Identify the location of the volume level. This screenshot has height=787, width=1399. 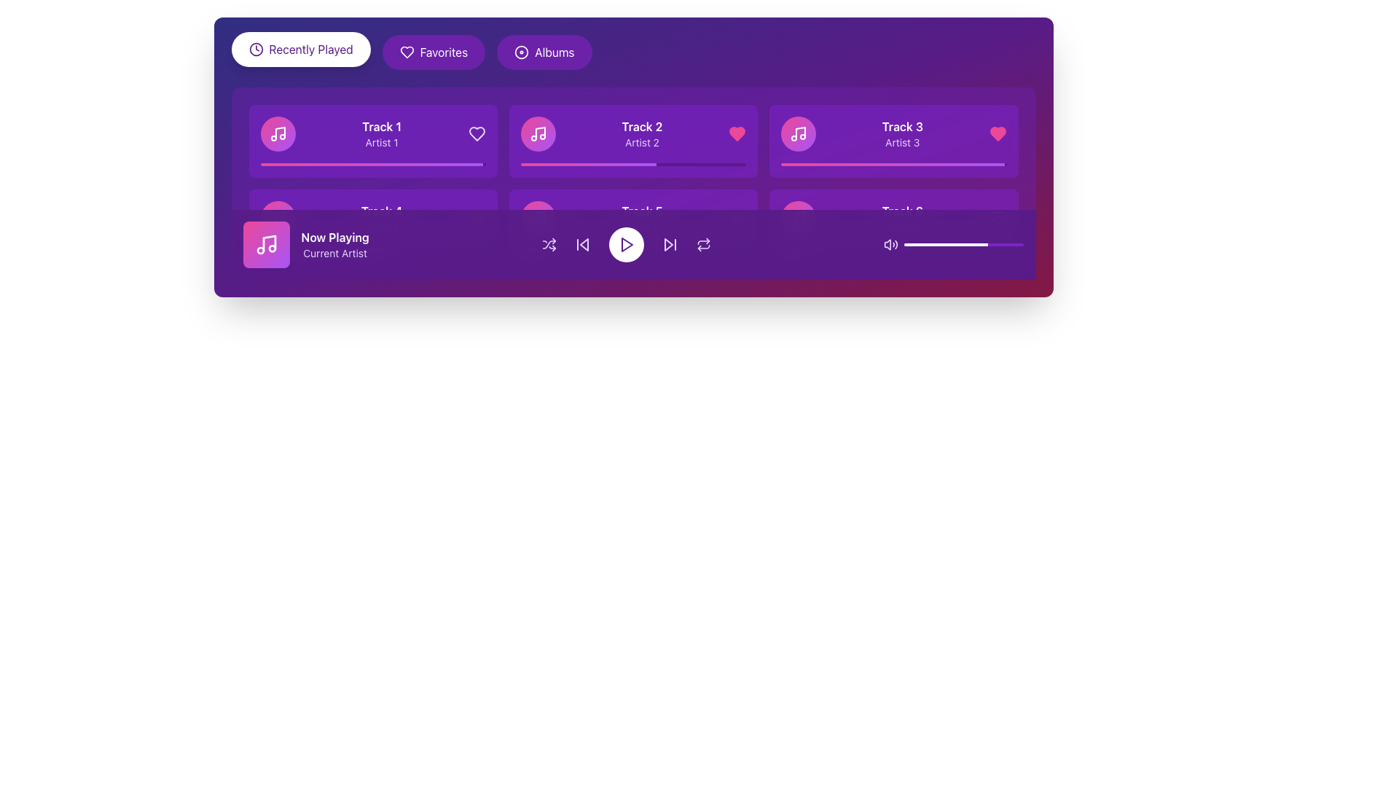
(936, 243).